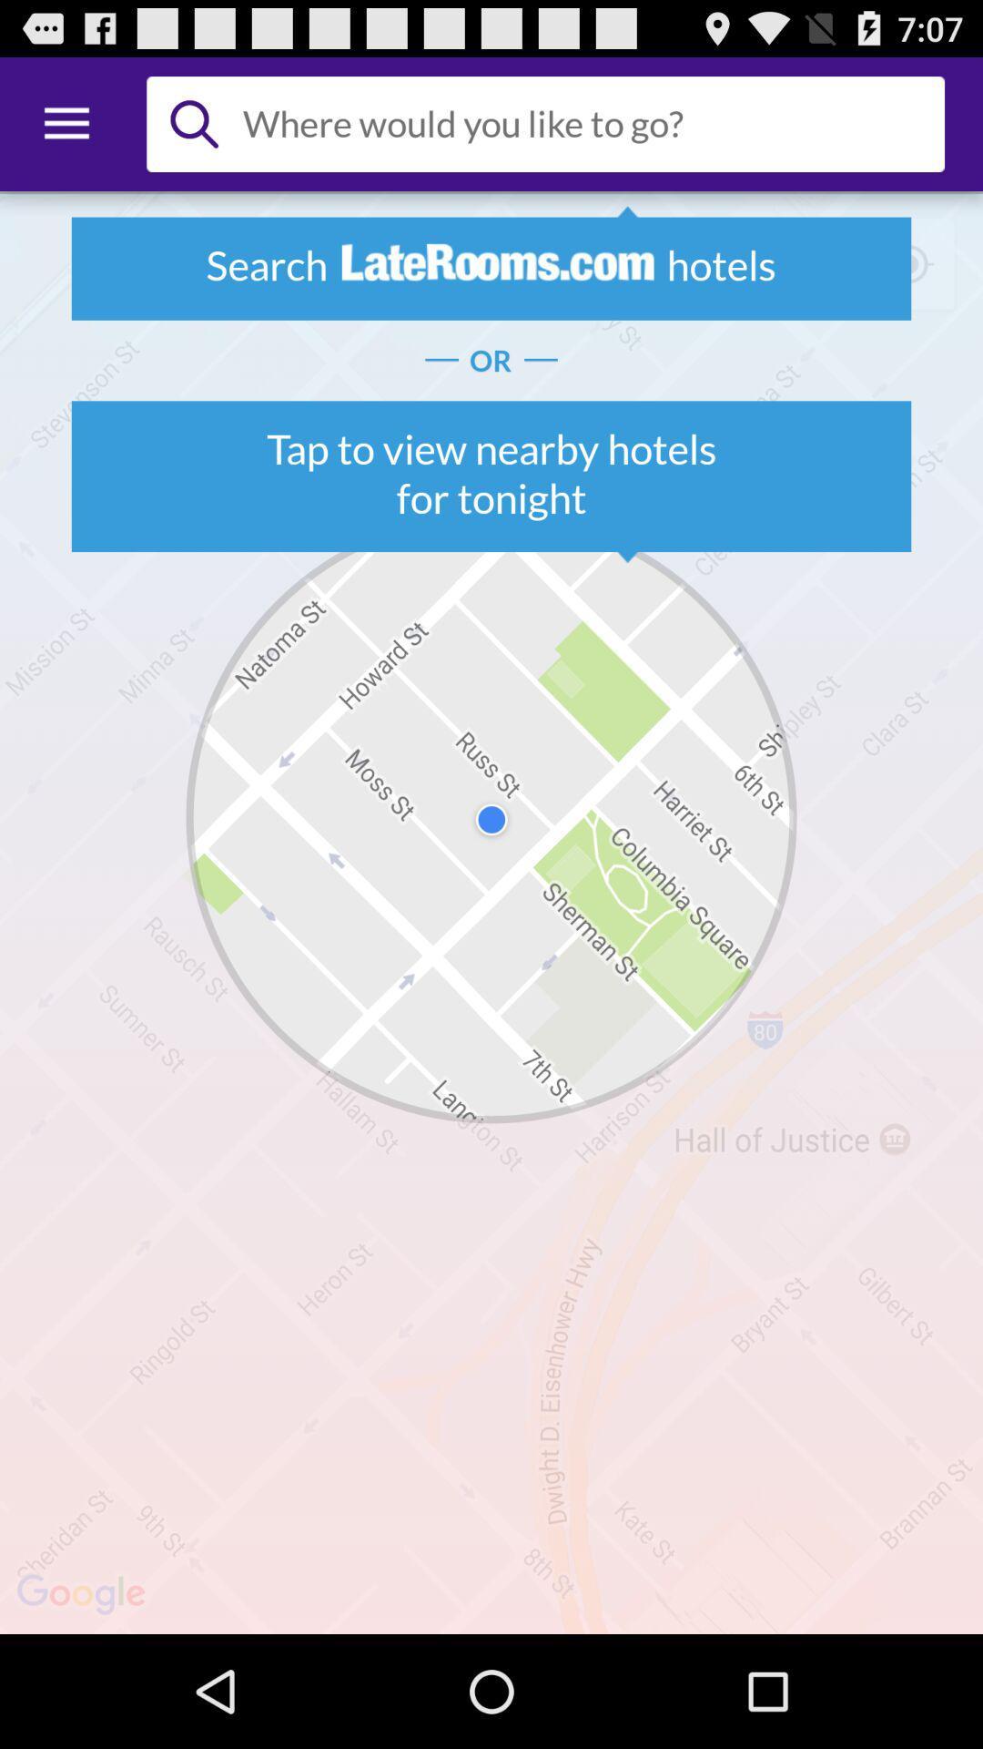 This screenshot has width=983, height=1749. What do you see at coordinates (586, 123) in the screenshot?
I see `search hotels` at bounding box center [586, 123].